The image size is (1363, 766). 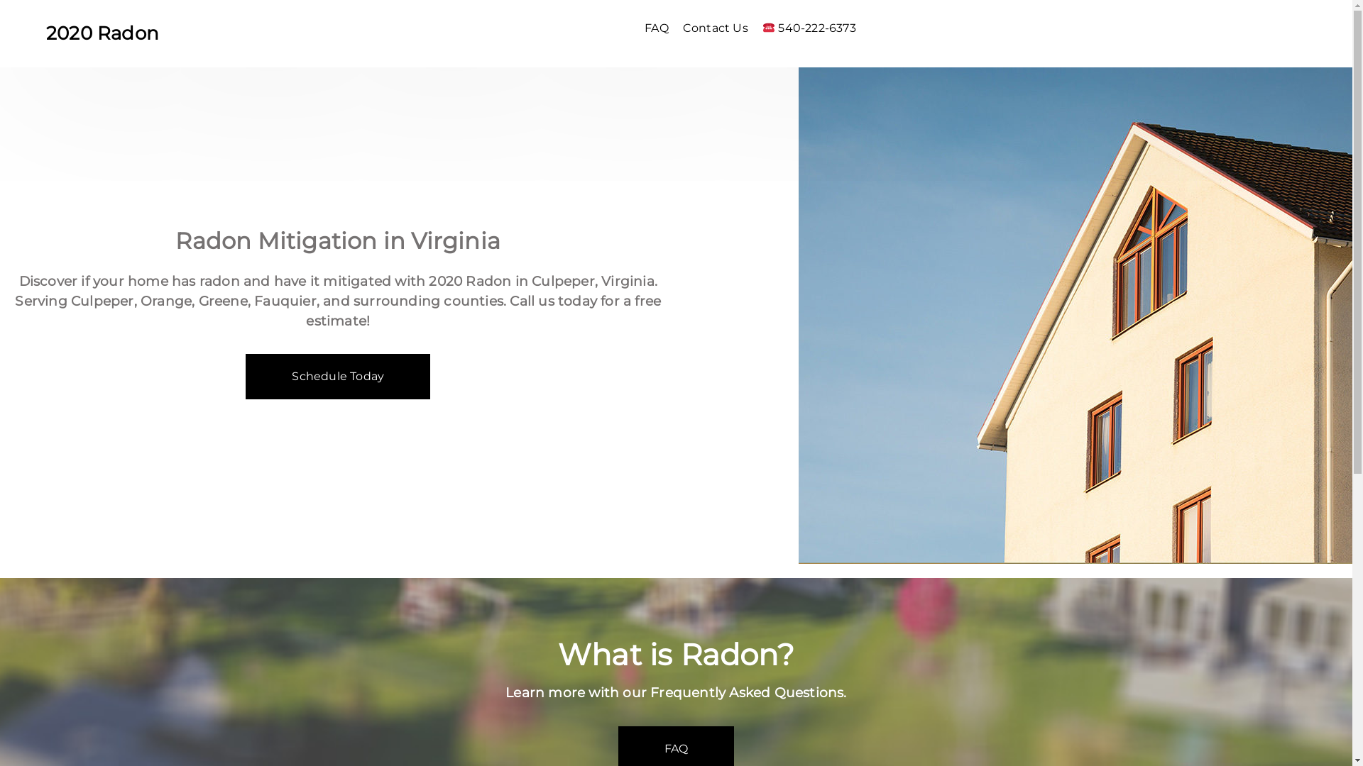 What do you see at coordinates (814, 28) in the screenshot?
I see `'540-222-6373'` at bounding box center [814, 28].